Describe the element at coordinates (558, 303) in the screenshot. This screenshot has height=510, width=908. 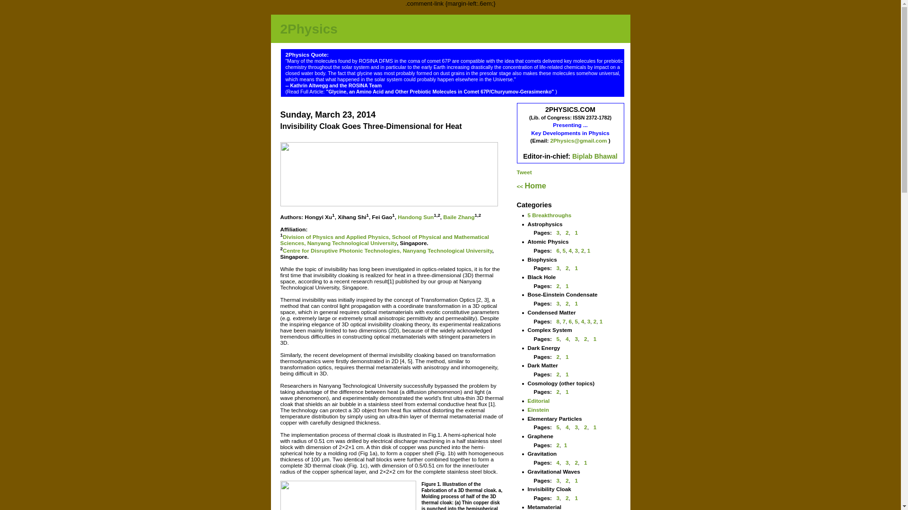
I see `'3'` at that location.